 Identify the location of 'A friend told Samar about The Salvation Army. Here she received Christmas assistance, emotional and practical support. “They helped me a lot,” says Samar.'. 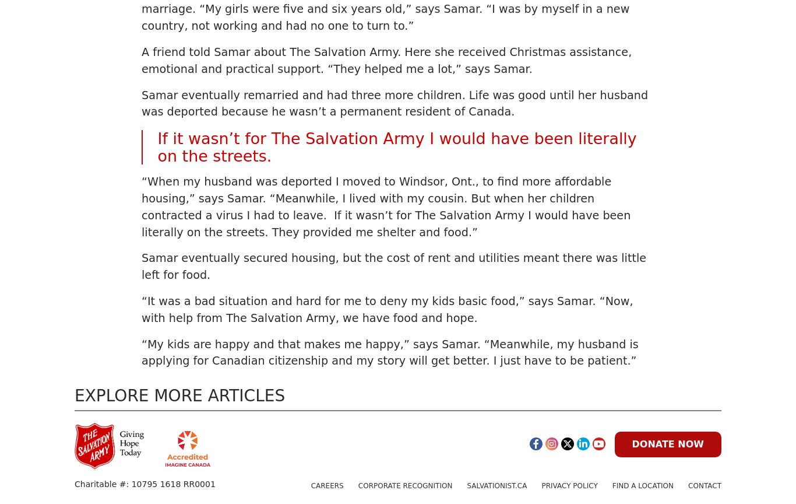
(386, 60).